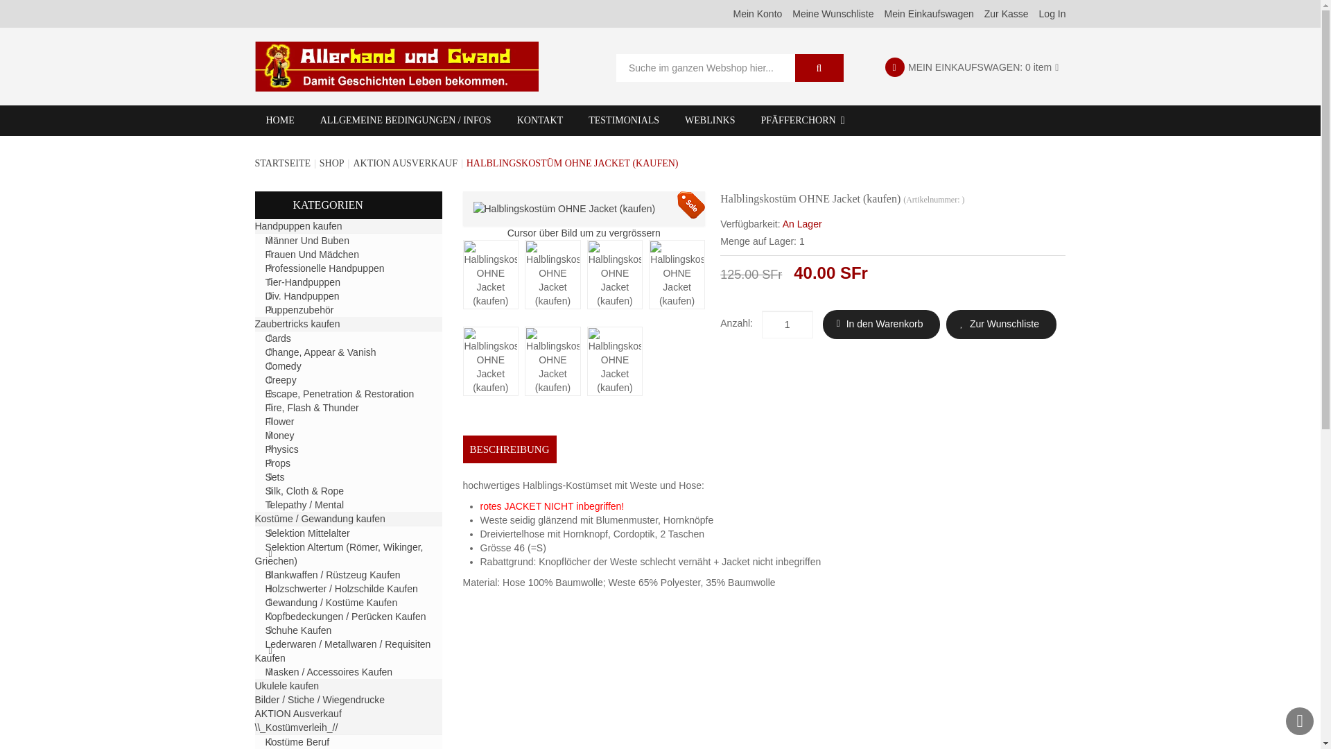 The width and height of the screenshot is (1331, 749). What do you see at coordinates (306, 532) in the screenshot?
I see `'Selektion Mittelalter'` at bounding box center [306, 532].